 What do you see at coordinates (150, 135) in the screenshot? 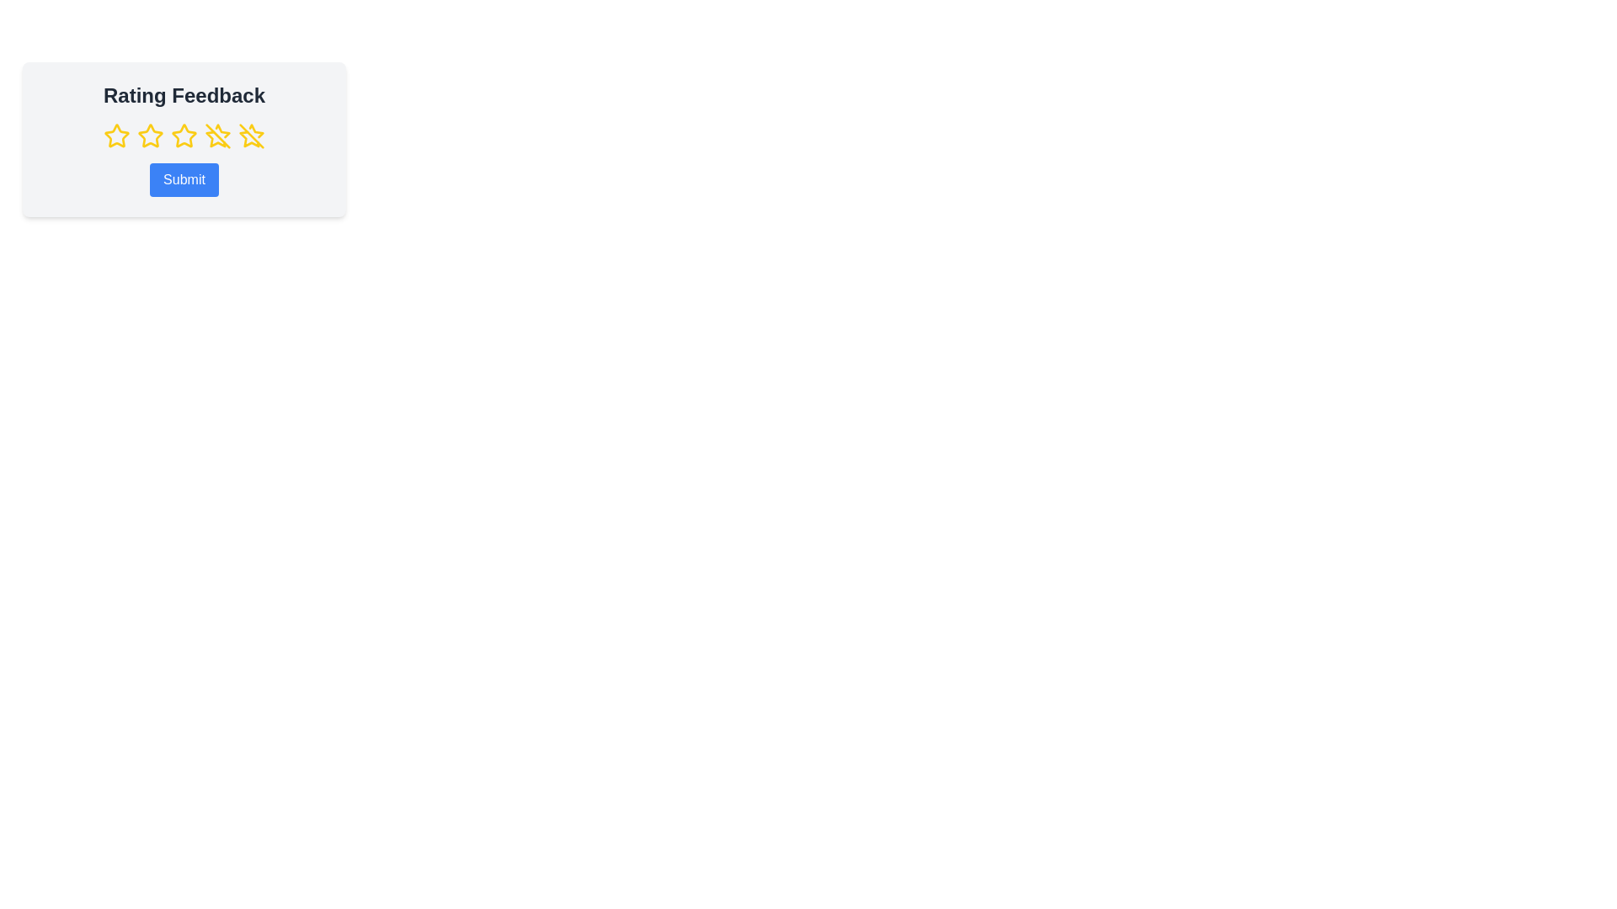
I see `the second rating star from the left in the rating system below the 'Rating Feedback' title` at bounding box center [150, 135].